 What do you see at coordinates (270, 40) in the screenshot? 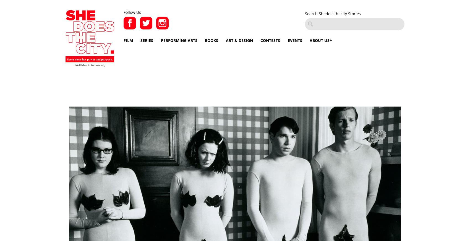
I see `'Contests'` at bounding box center [270, 40].